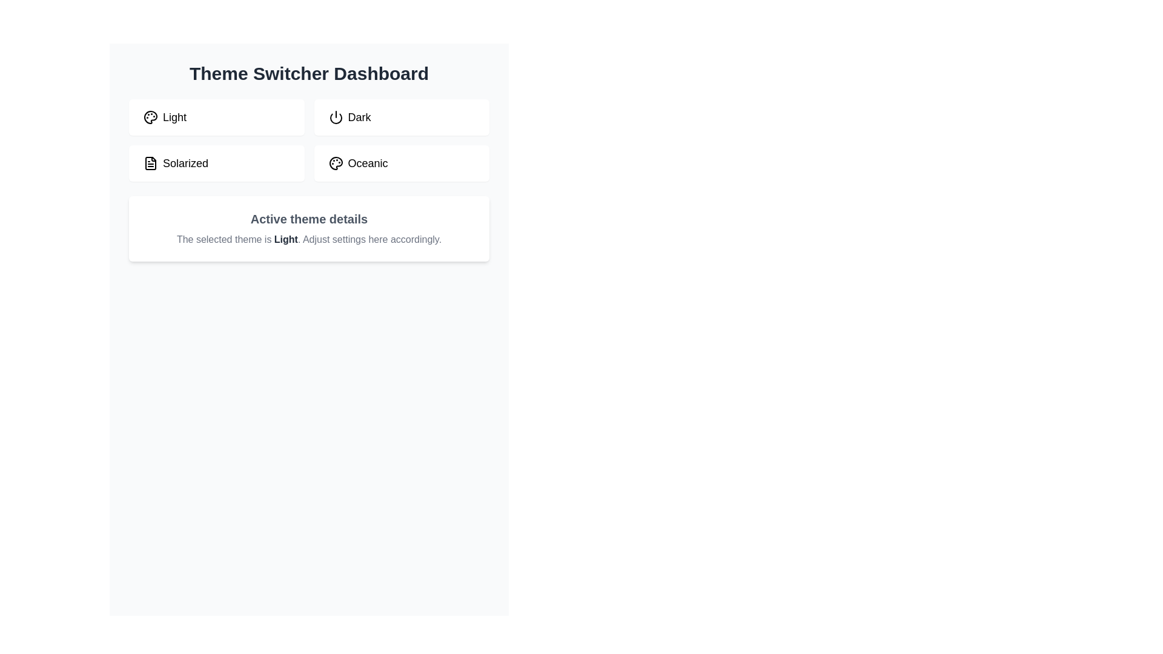  I want to click on the 'Light' theme selector button, so click(216, 117).